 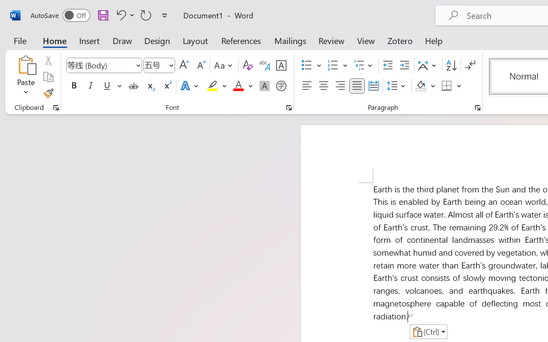 What do you see at coordinates (428, 331) in the screenshot?
I see `'Action: Paste alternatives'` at bounding box center [428, 331].